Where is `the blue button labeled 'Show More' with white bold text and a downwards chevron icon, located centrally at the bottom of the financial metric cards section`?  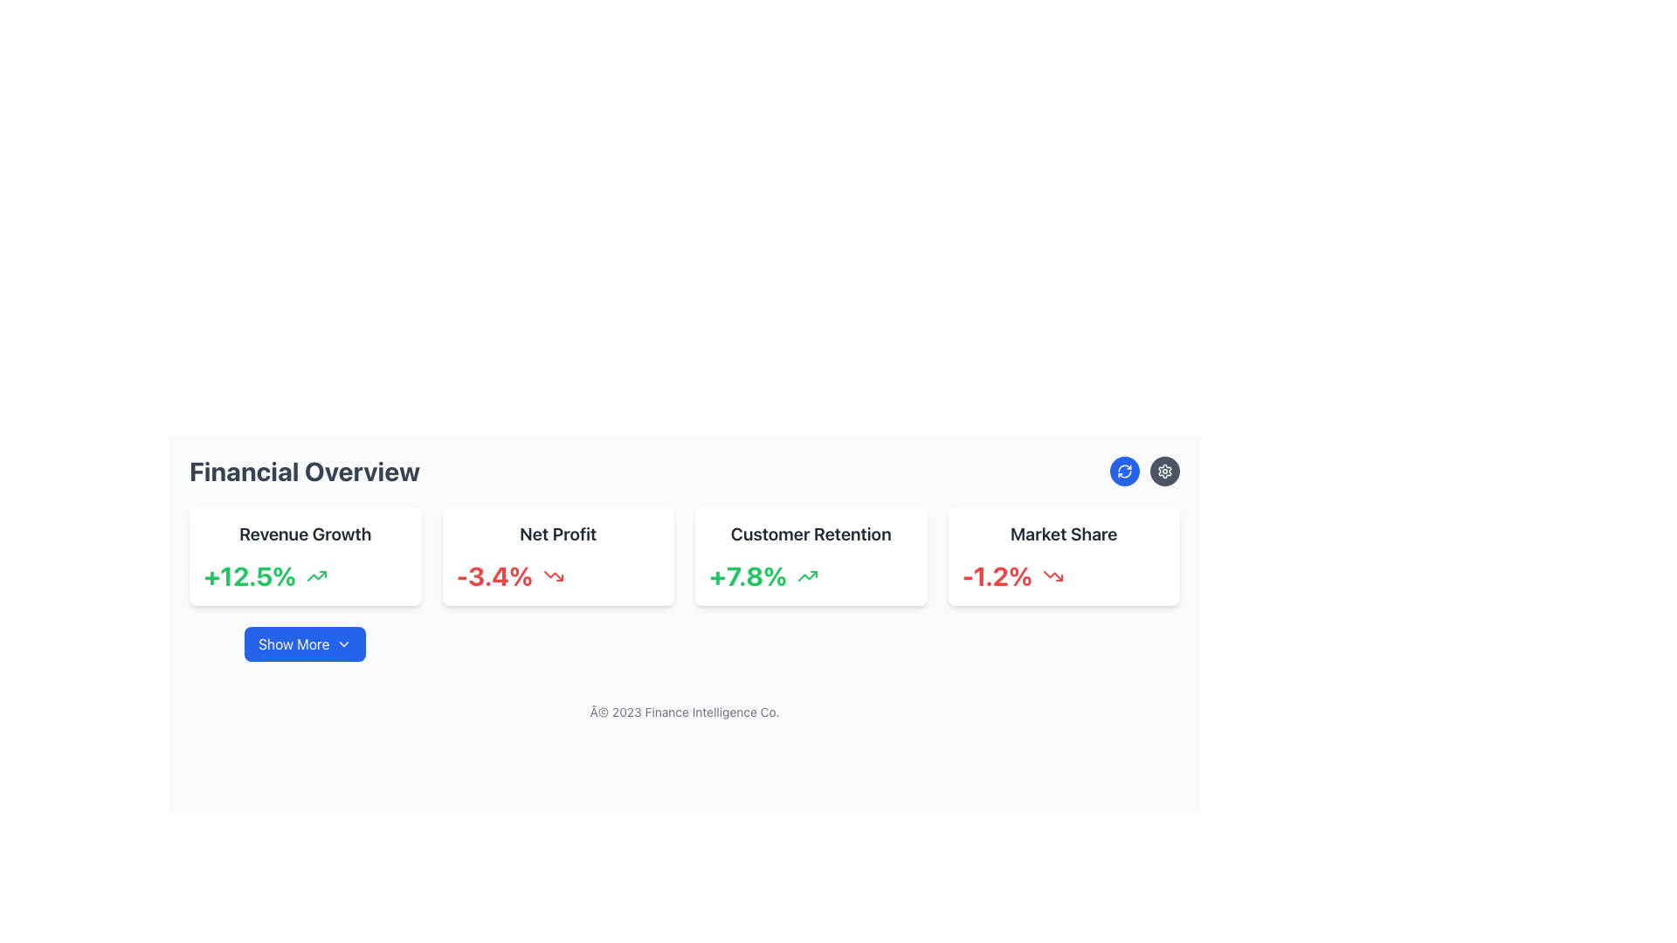 the blue button labeled 'Show More' with white bold text and a downwards chevron icon, located centrally at the bottom of the financial metric cards section is located at coordinates (305, 644).